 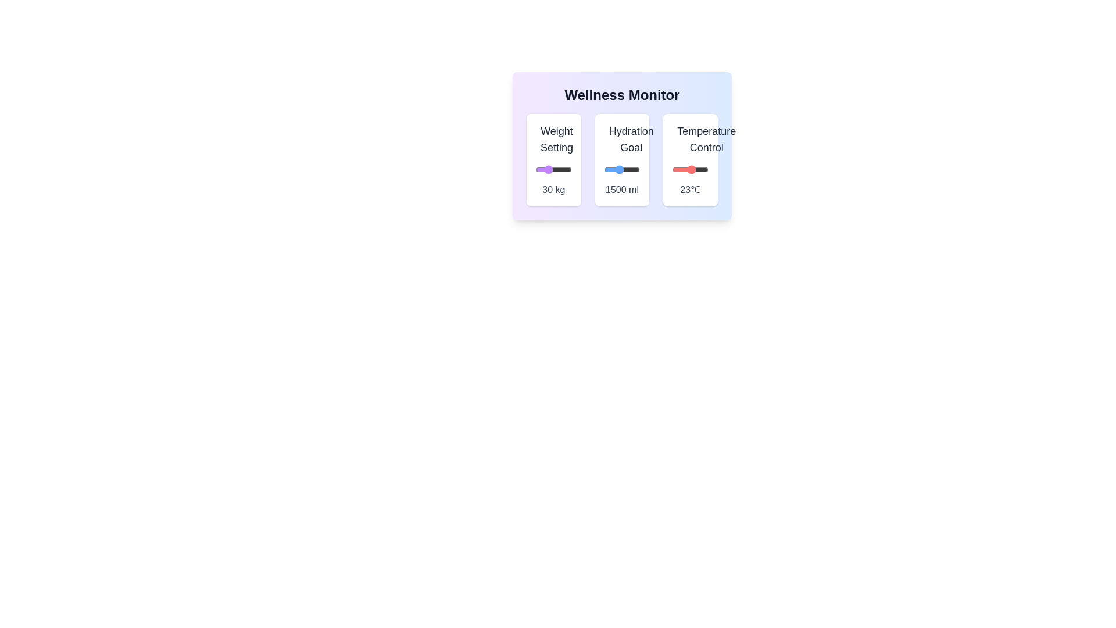 I want to click on the temperature, so click(x=696, y=170).